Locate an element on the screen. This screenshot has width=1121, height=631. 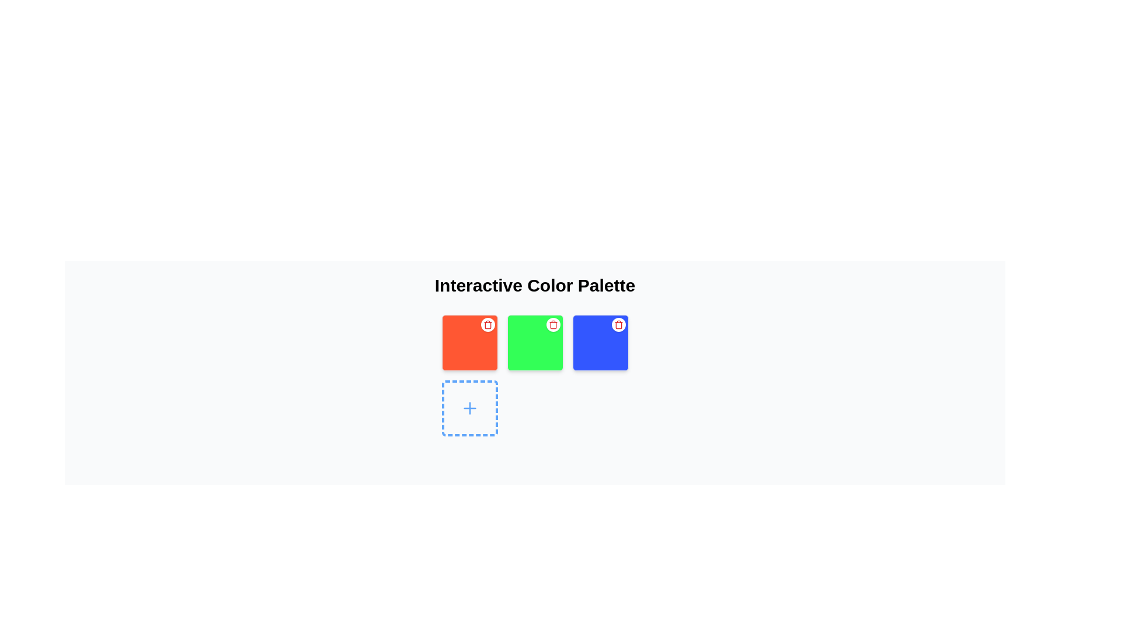
the first colored tile with a delete functionality, which is a square tile with an orange background and a white circular icon with a red trash can symbol at the top-right corner is located at coordinates (469, 342).